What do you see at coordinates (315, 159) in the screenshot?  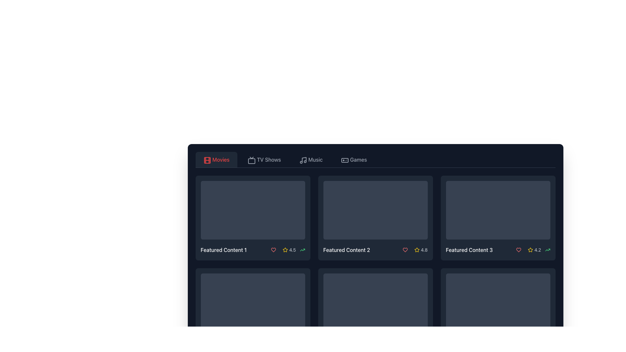 I see `the 'Music' text label in the navigation menu, which is the third item from the left in the horizontal navigation bar` at bounding box center [315, 159].